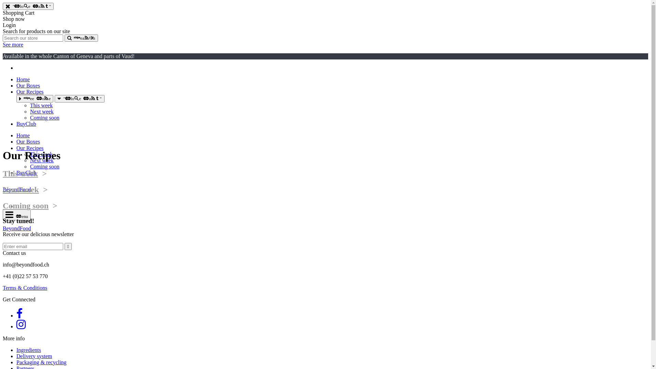 This screenshot has height=369, width=656. What do you see at coordinates (28, 350) in the screenshot?
I see `'Ingredients'` at bounding box center [28, 350].